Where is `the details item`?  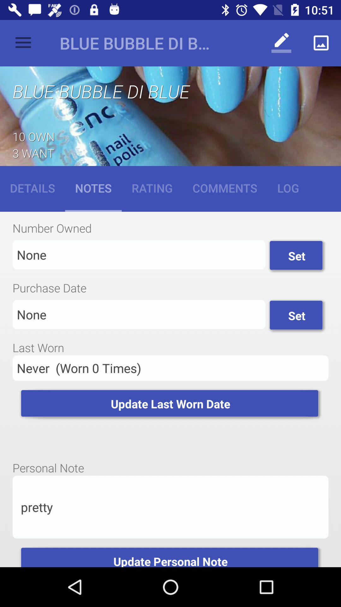 the details item is located at coordinates (33, 187).